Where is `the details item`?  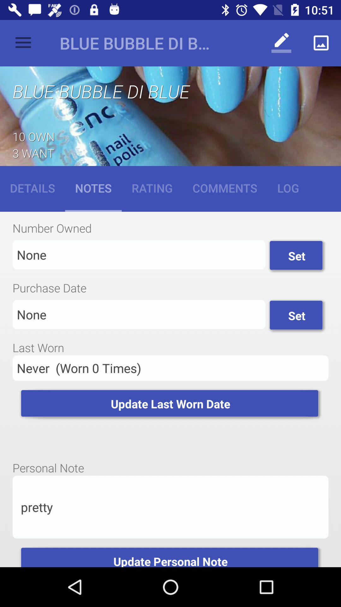 the details item is located at coordinates (33, 187).